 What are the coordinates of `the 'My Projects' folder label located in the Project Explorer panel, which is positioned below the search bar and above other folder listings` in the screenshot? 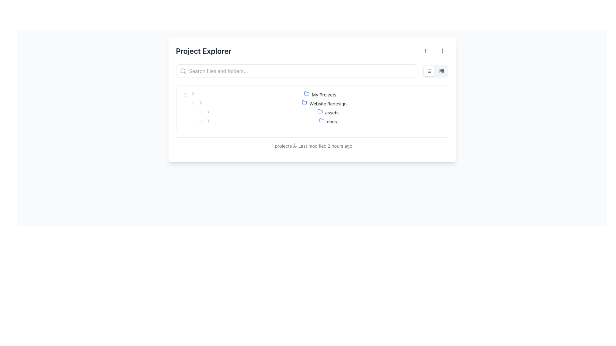 It's located at (324, 95).